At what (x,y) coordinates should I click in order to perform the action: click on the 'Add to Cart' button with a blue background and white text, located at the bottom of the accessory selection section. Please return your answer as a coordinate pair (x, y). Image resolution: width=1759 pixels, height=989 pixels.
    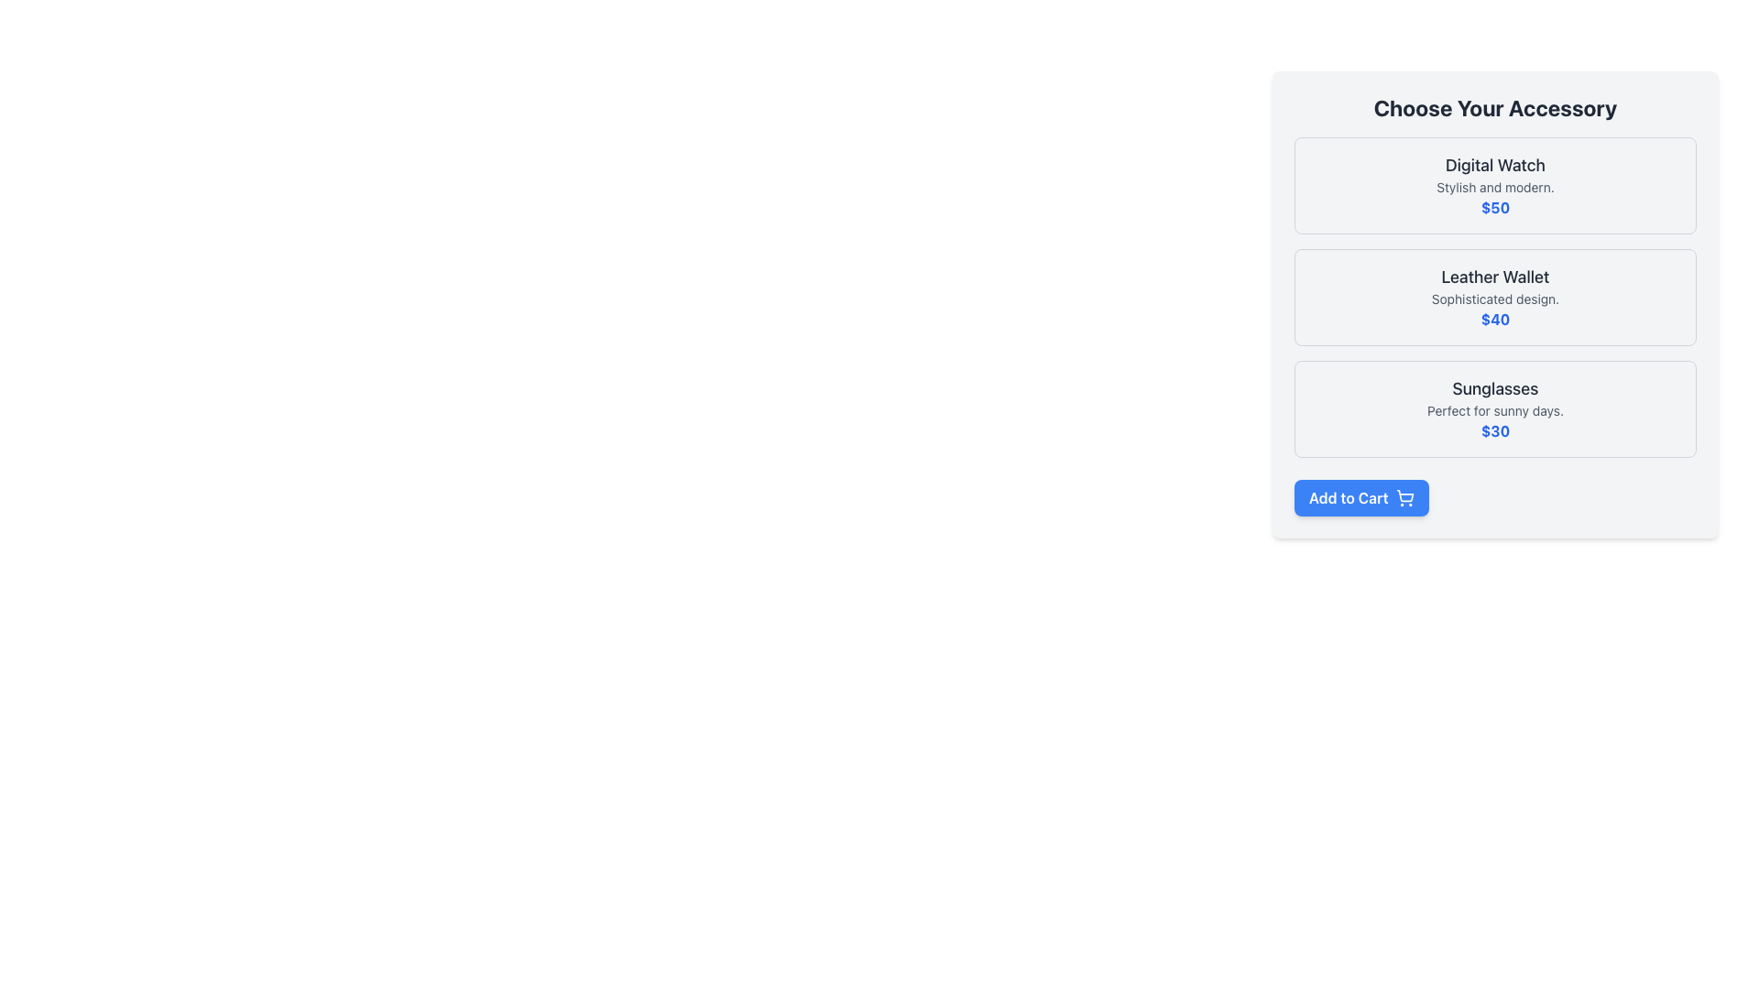
    Looking at the image, I should click on (1361, 497).